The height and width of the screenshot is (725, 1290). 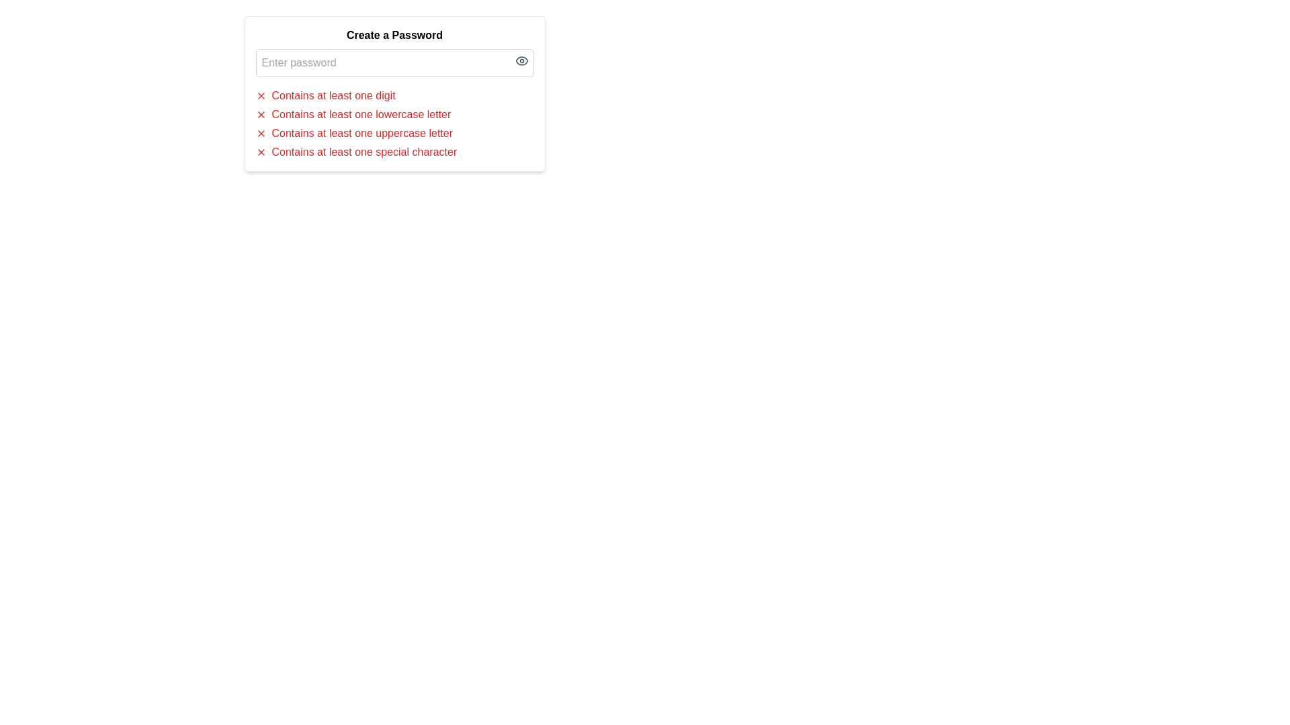 What do you see at coordinates (364, 152) in the screenshot?
I see `the static text label that informs the user about password criteria, positioned below the text 'Contains at least one uppercase letter.'` at bounding box center [364, 152].